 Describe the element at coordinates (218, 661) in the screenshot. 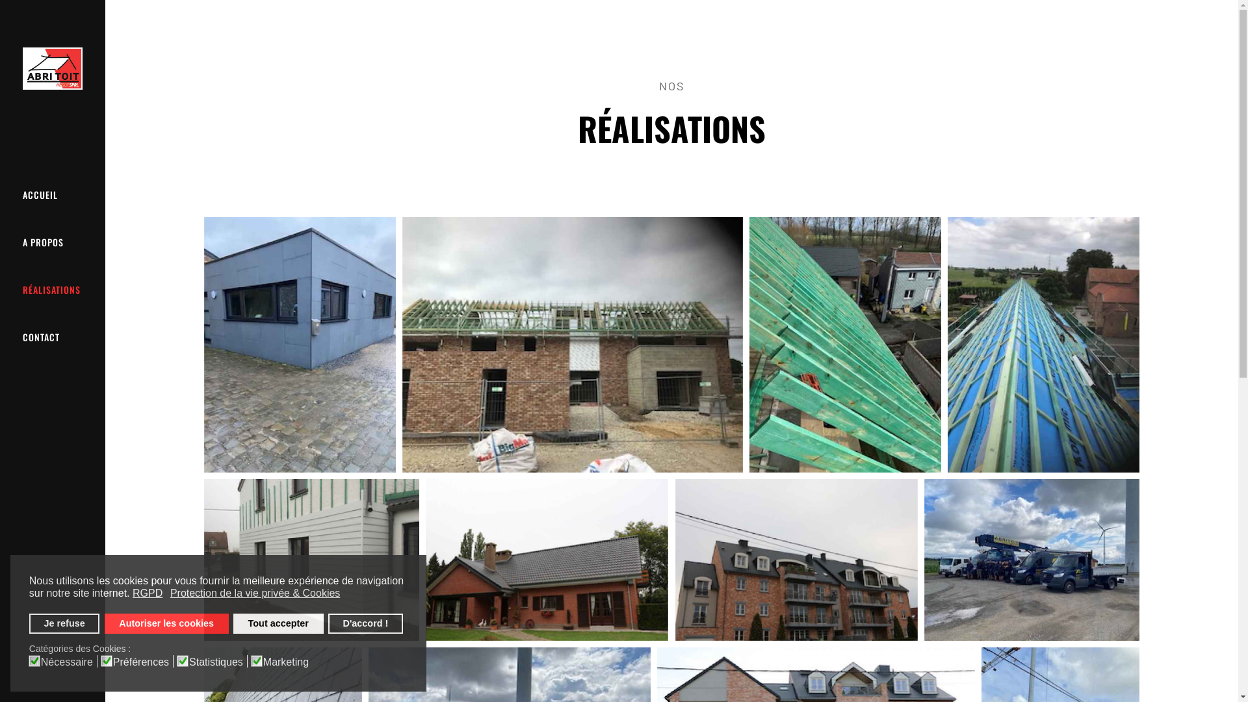

I see `'Statistiques'` at that location.